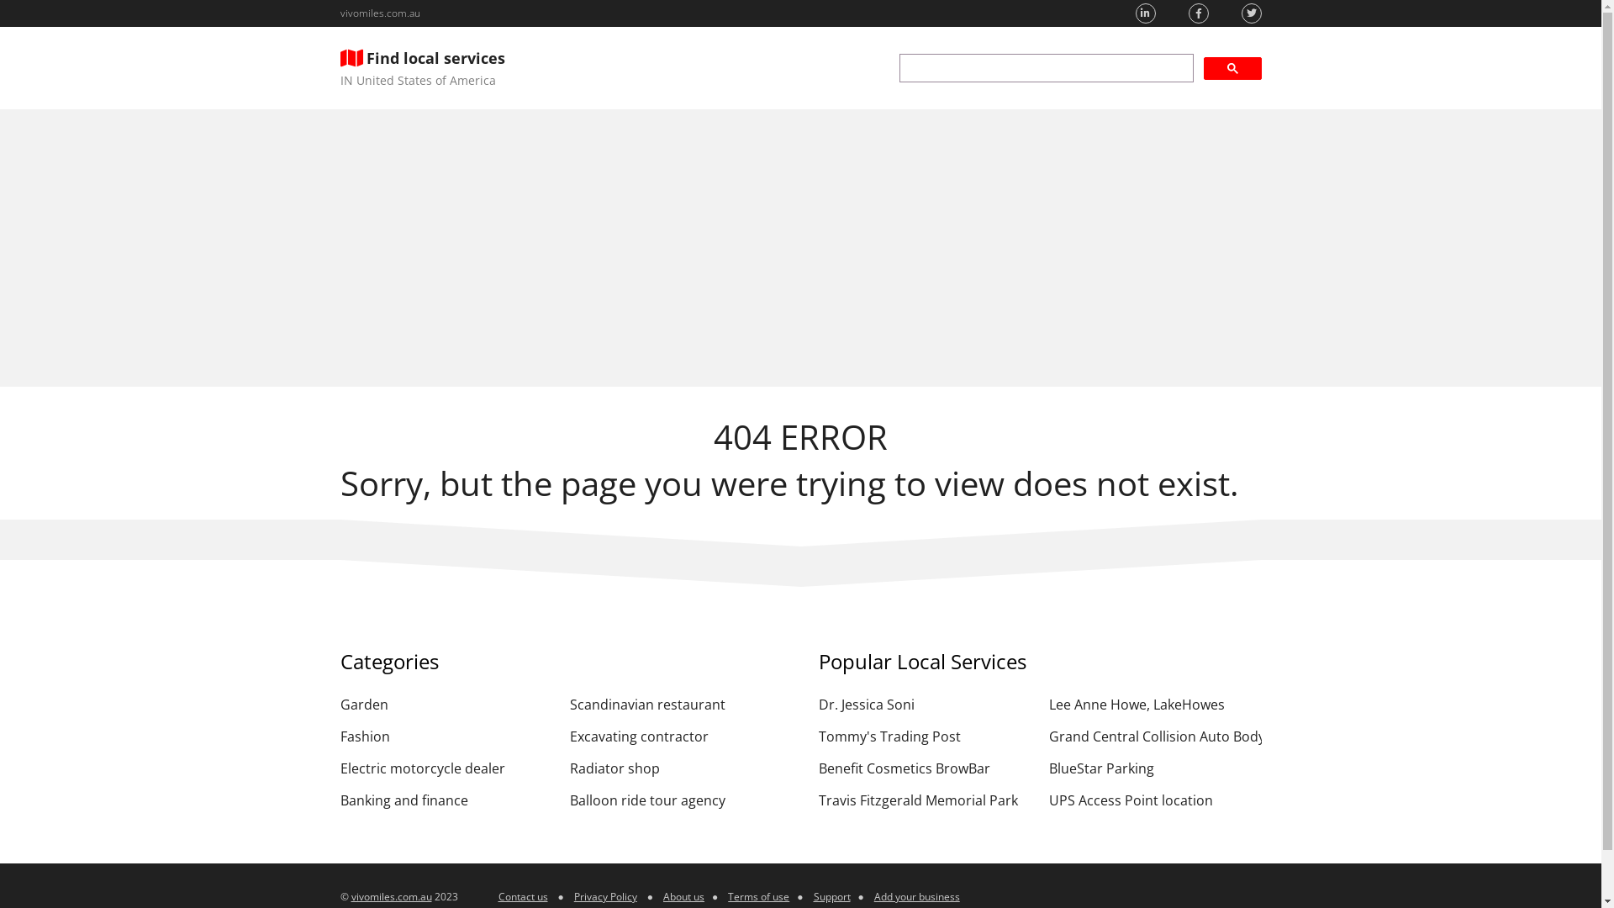  Describe the element at coordinates (915, 895) in the screenshot. I see `'Add your business'` at that location.